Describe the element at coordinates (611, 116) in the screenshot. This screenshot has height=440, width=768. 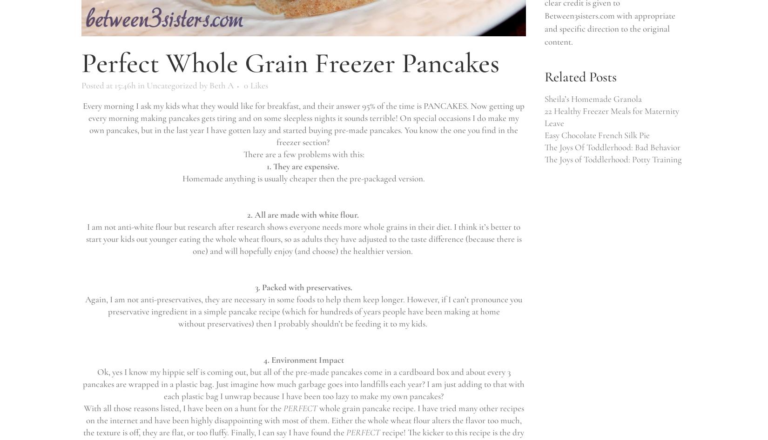
I see `'22 Healthy Freezer Meals for Maternity Leave'` at that location.